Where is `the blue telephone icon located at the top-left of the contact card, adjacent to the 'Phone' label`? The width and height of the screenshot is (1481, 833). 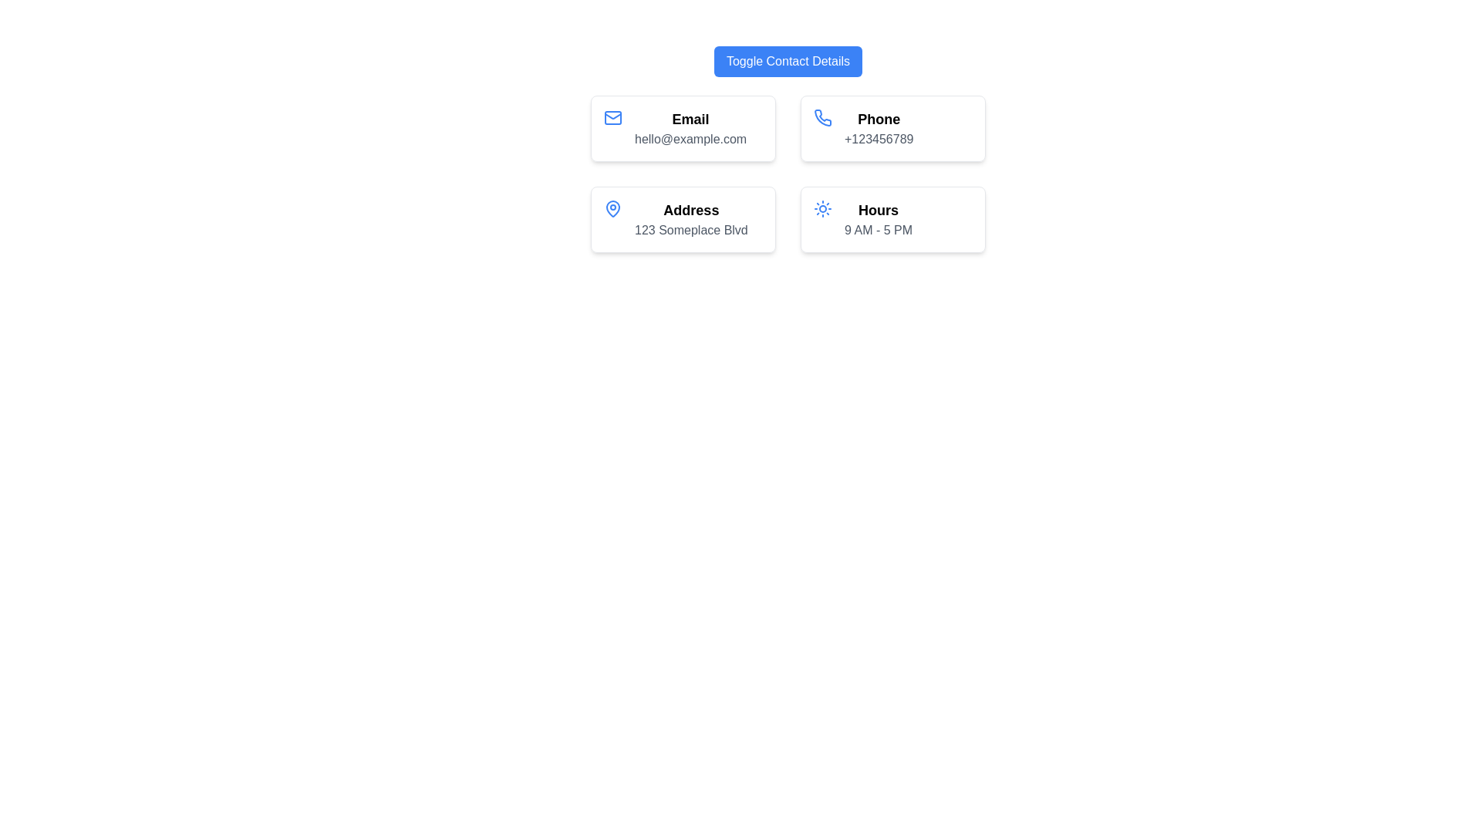 the blue telephone icon located at the top-left of the contact card, adjacent to the 'Phone' label is located at coordinates (821, 127).